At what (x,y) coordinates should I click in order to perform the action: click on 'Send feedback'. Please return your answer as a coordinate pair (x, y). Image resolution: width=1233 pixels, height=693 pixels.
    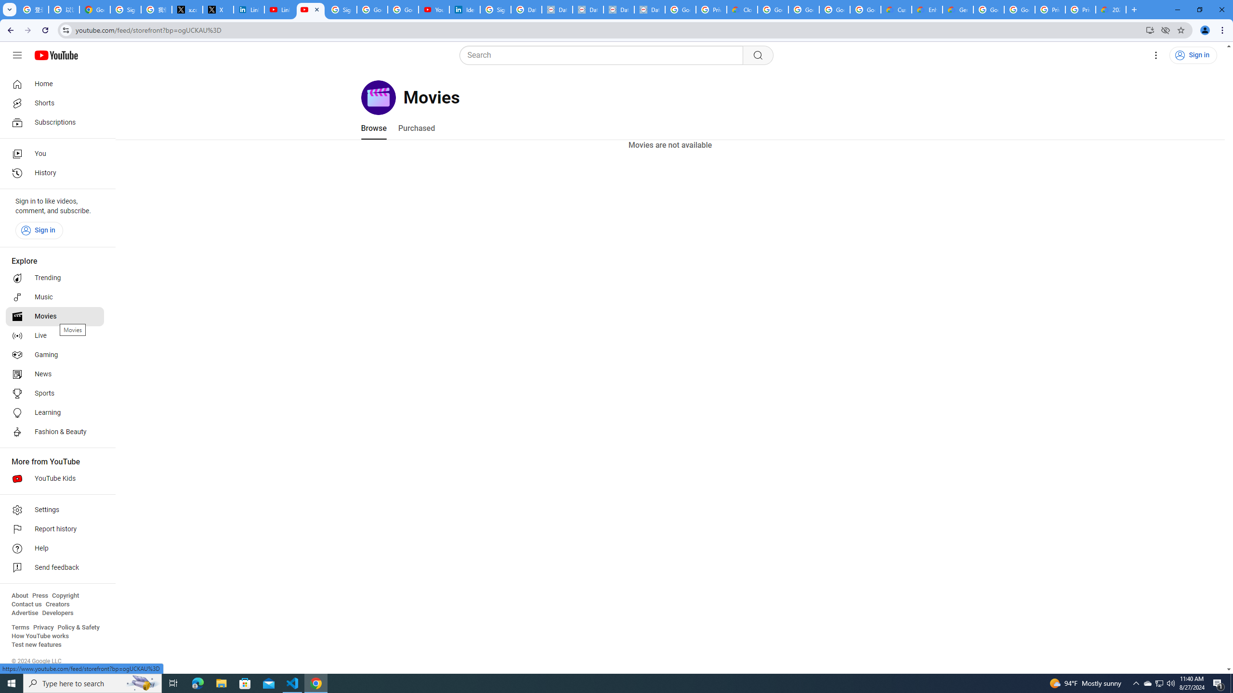
    Looking at the image, I should click on (54, 567).